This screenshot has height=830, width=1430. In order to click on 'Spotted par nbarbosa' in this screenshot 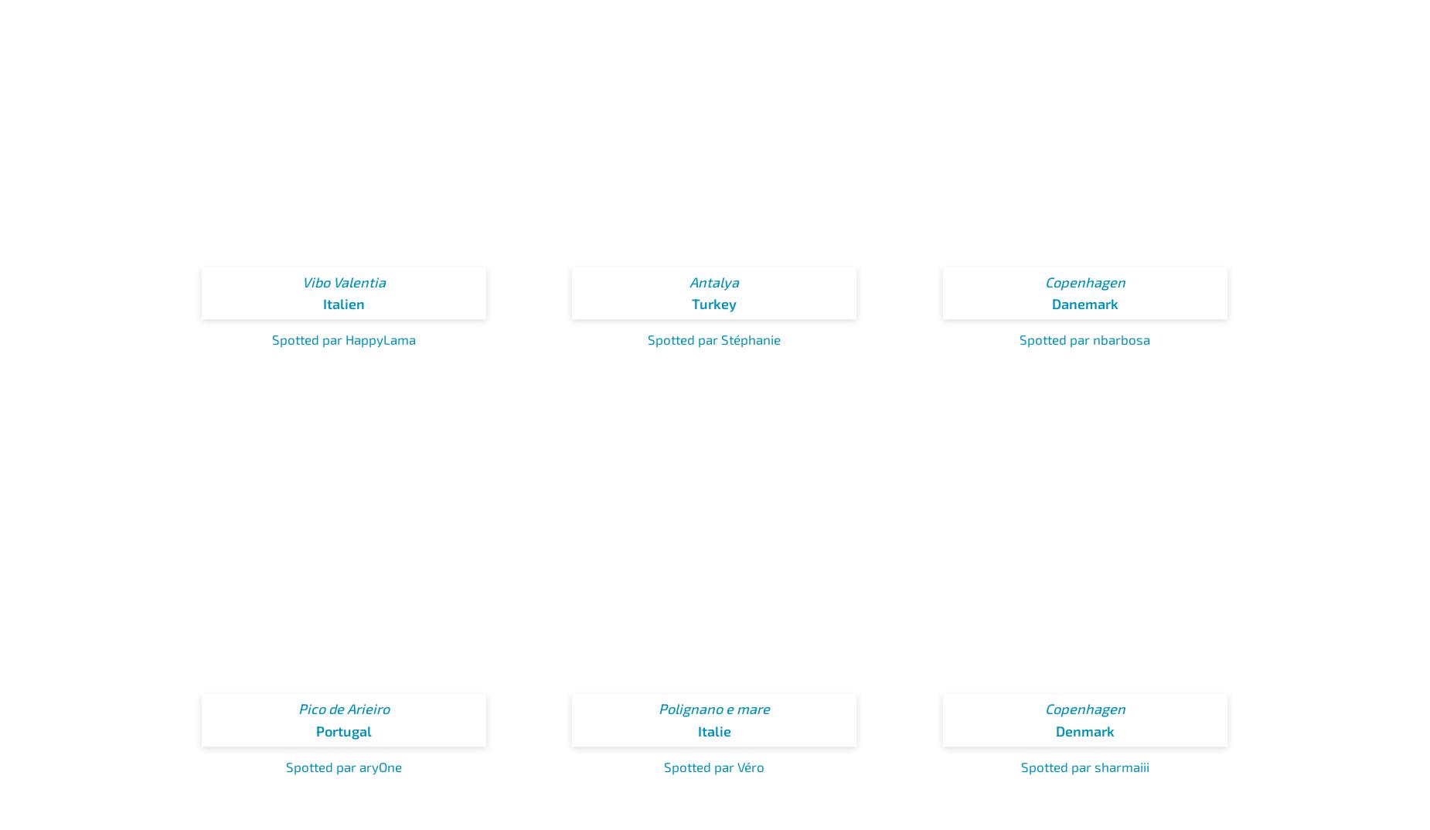, I will do `click(1019, 338)`.